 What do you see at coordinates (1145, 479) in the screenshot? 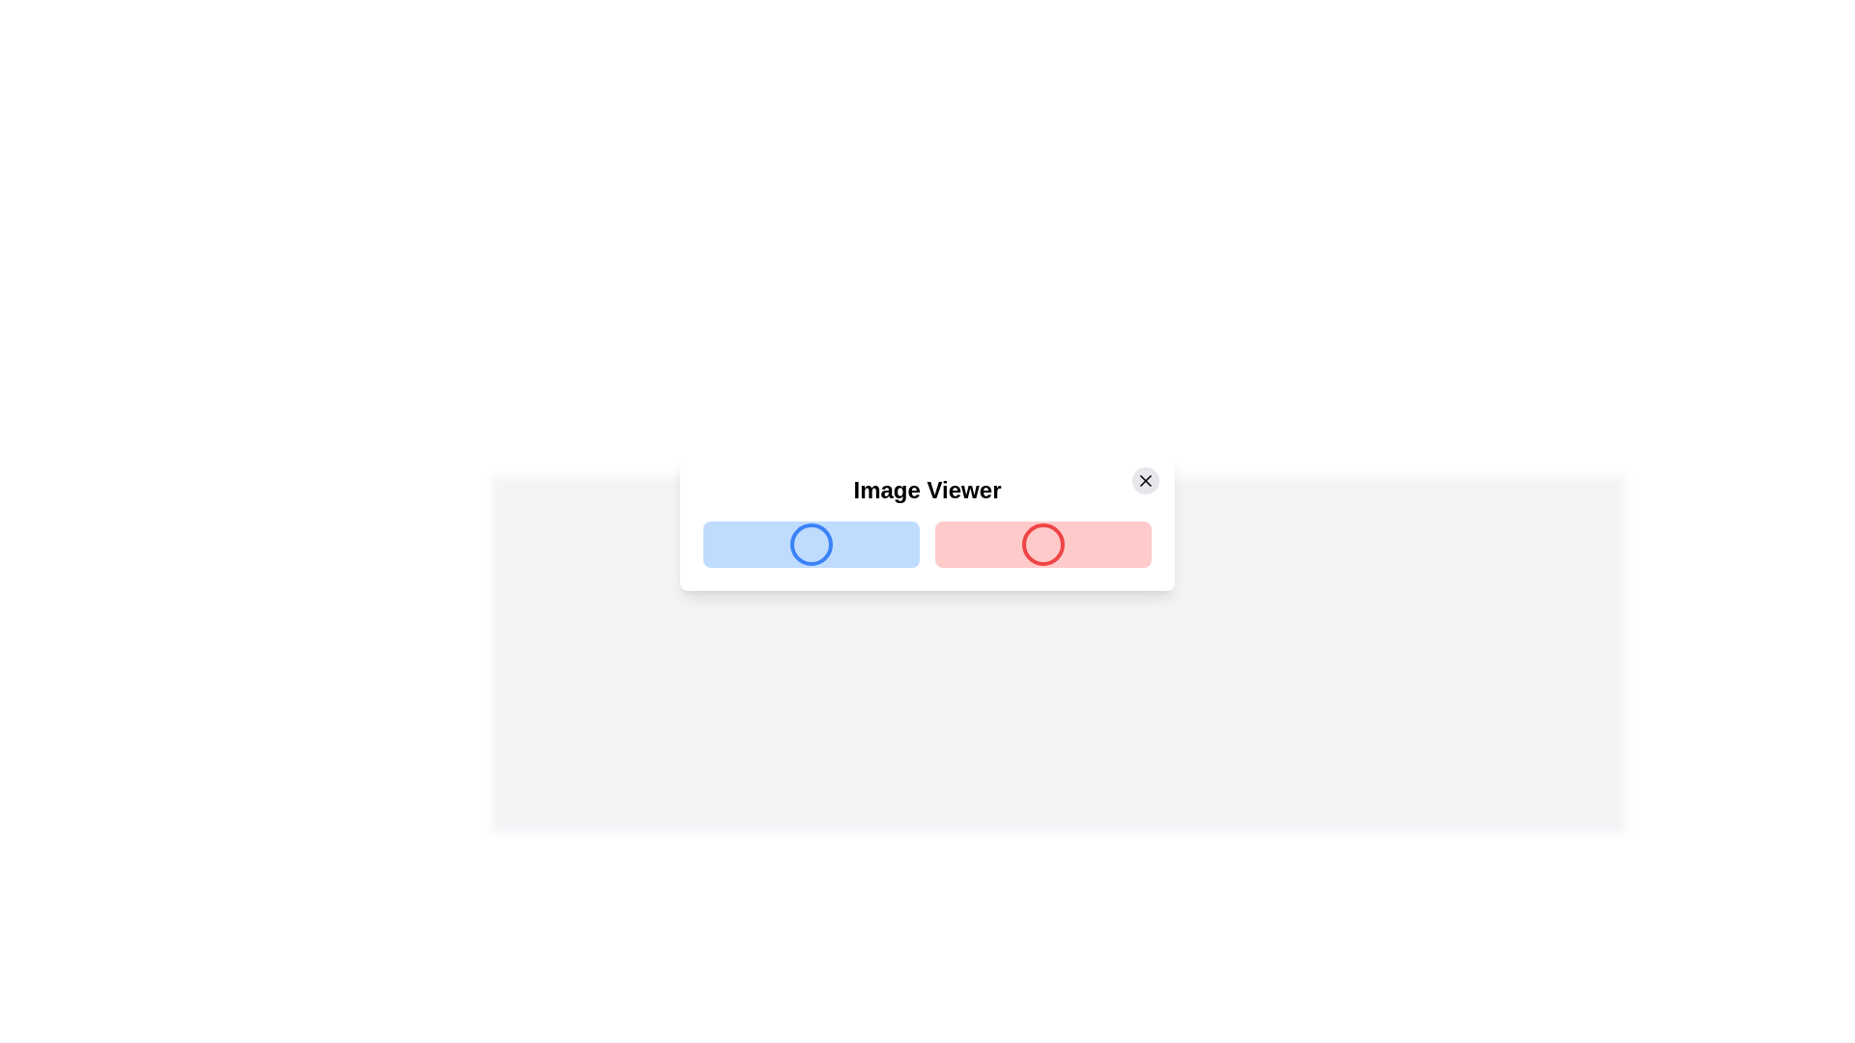
I see `the close button SVG icon located in the top-right corner of the 'Image Viewer' dialog box` at bounding box center [1145, 479].